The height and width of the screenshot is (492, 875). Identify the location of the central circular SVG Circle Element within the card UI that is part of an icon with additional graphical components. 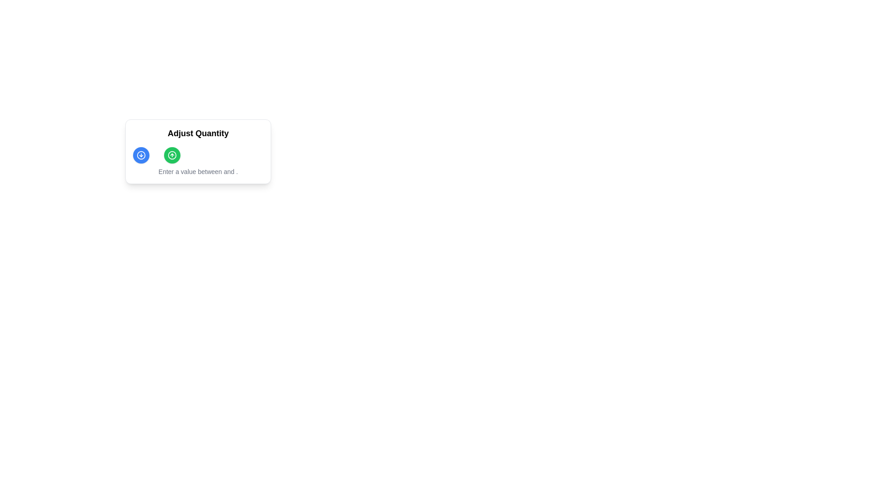
(172, 154).